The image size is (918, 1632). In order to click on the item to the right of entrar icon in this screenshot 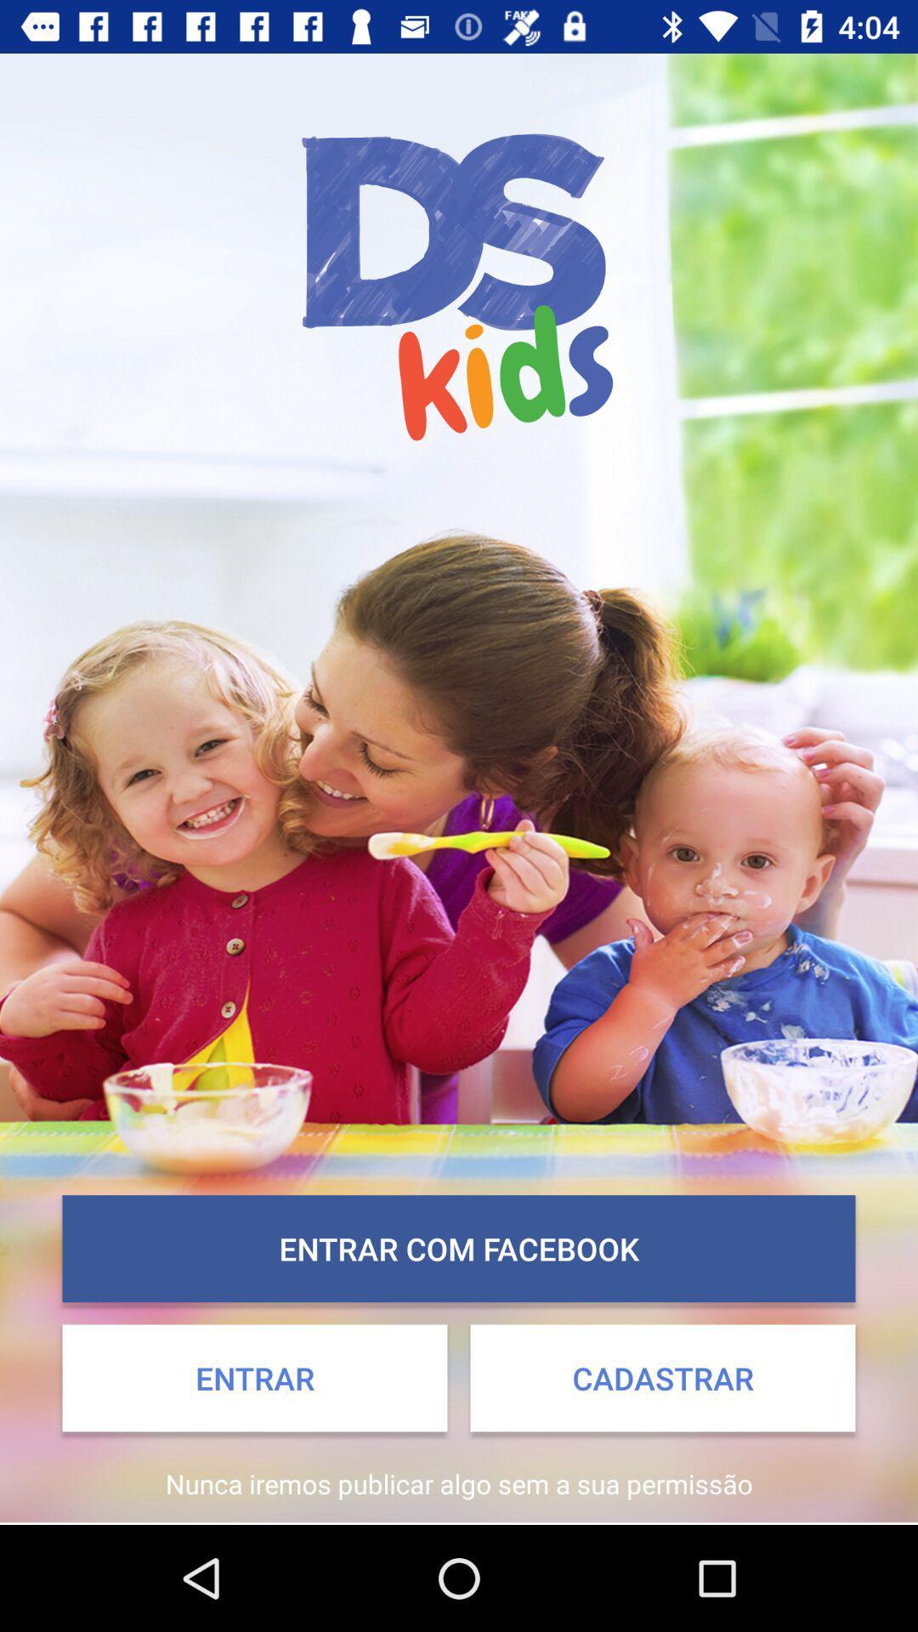, I will do `click(661, 1378)`.